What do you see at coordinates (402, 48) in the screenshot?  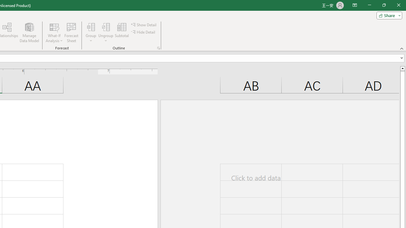 I see `'Collapse the Ribbon'` at bounding box center [402, 48].